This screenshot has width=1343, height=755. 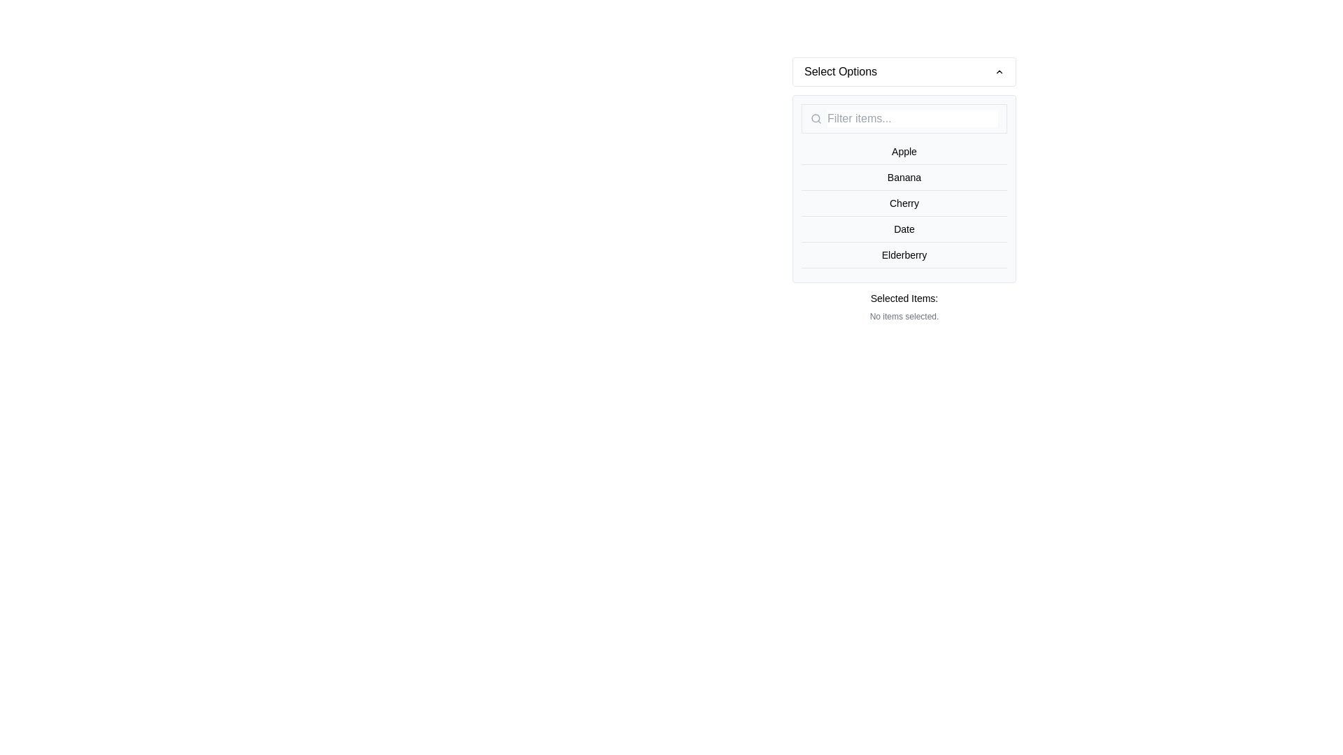 What do you see at coordinates (999, 72) in the screenshot?
I see `the upward-pointing triangular interactive icon styled as a chevron located at the far right end of the 'Select Options' dropdown title bar` at bounding box center [999, 72].